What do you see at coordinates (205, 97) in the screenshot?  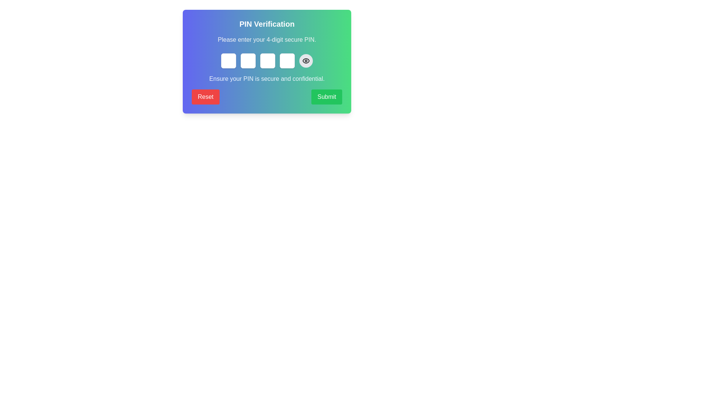 I see `the 'Reset' button, which is a rectangular button with white text on a red background located at the bottom-left of a panel` at bounding box center [205, 97].